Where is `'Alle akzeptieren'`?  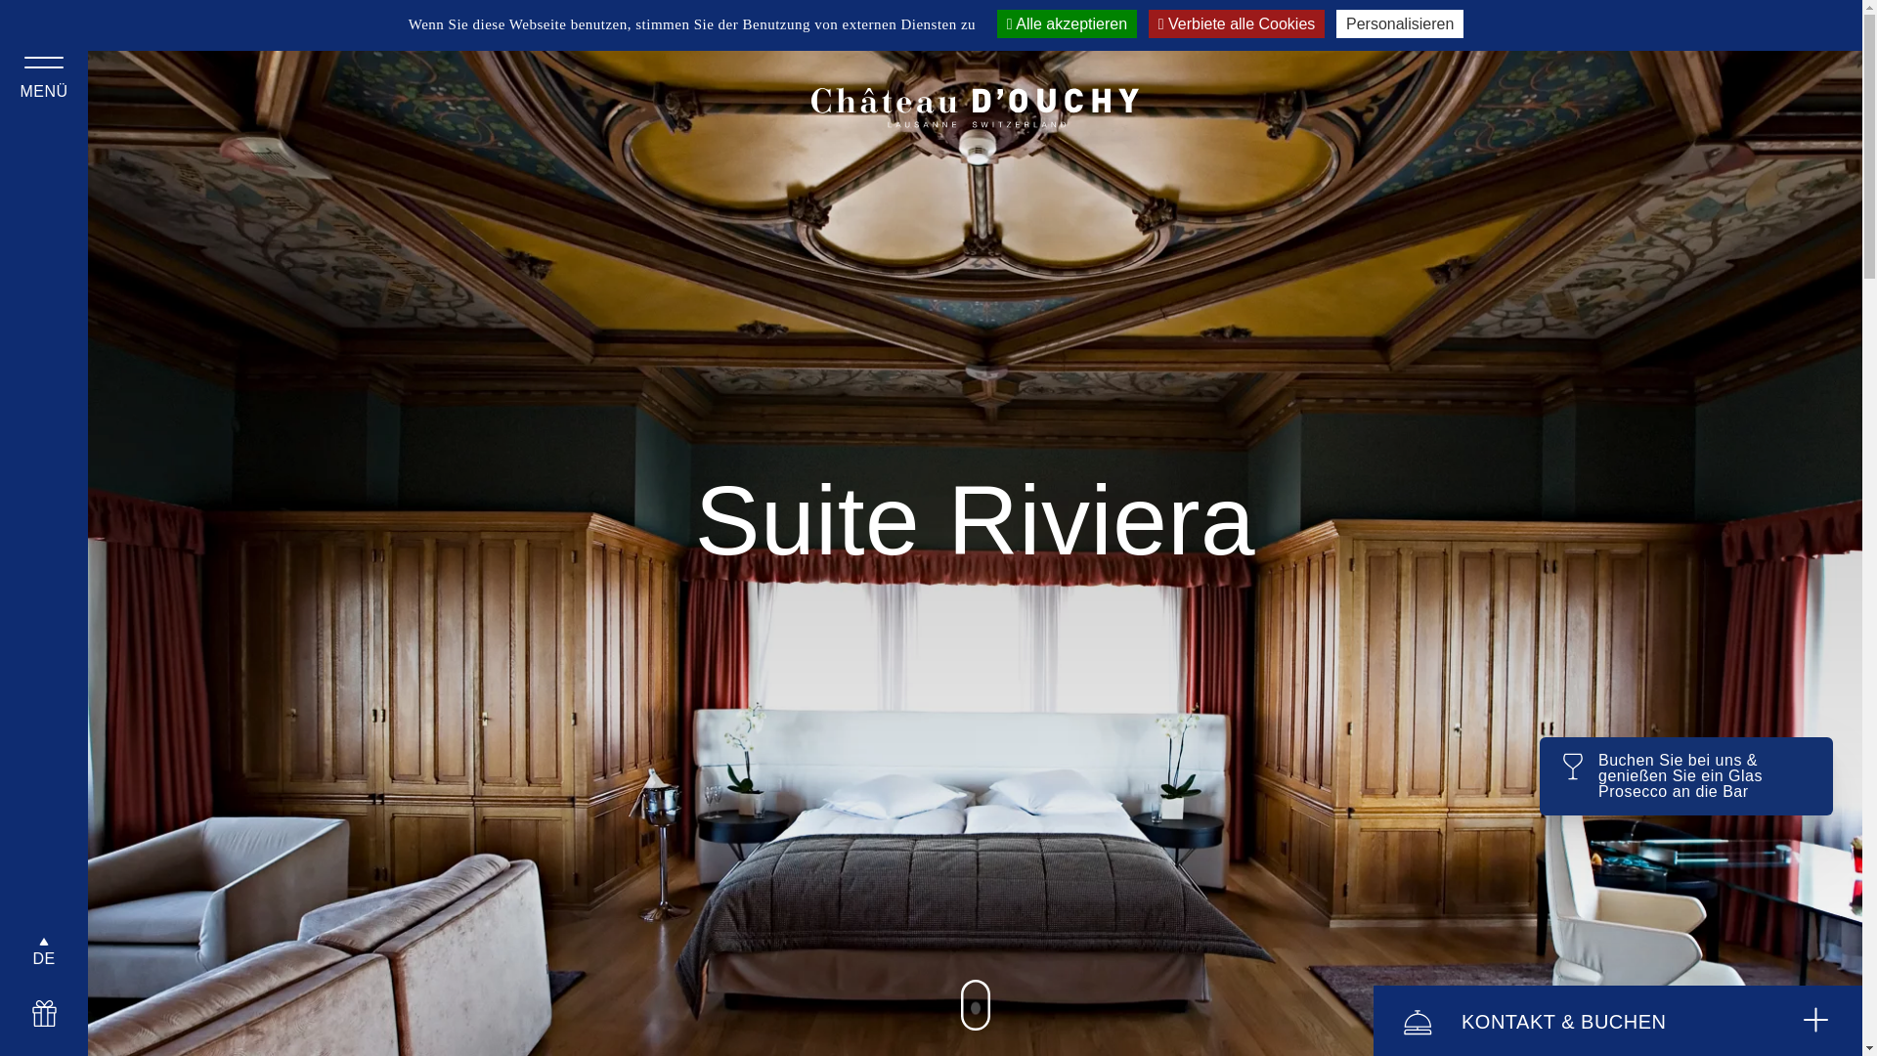 'Alle akzeptieren' is located at coordinates (996, 23).